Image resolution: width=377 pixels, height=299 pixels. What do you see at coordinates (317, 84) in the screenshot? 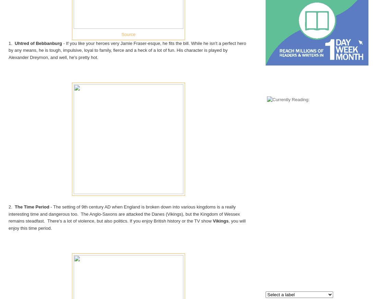
I see `'Currently Reading:'` at bounding box center [317, 84].